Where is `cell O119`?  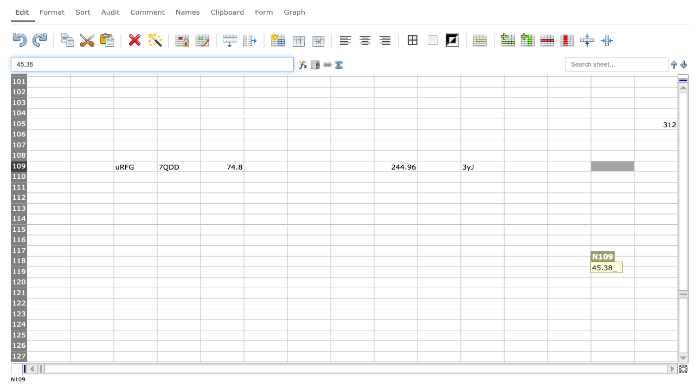 cell O119 is located at coordinates (655, 271).